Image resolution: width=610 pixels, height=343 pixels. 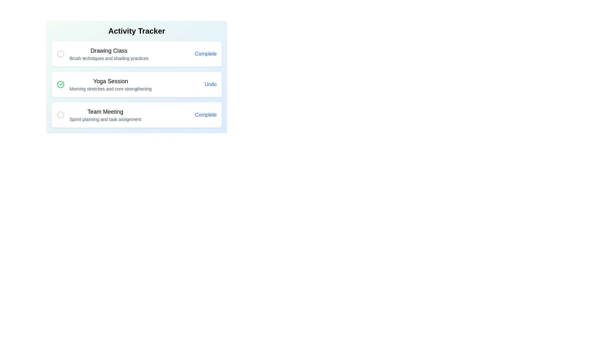 I want to click on the activity named Team Meeting to view its details, so click(x=105, y=115).